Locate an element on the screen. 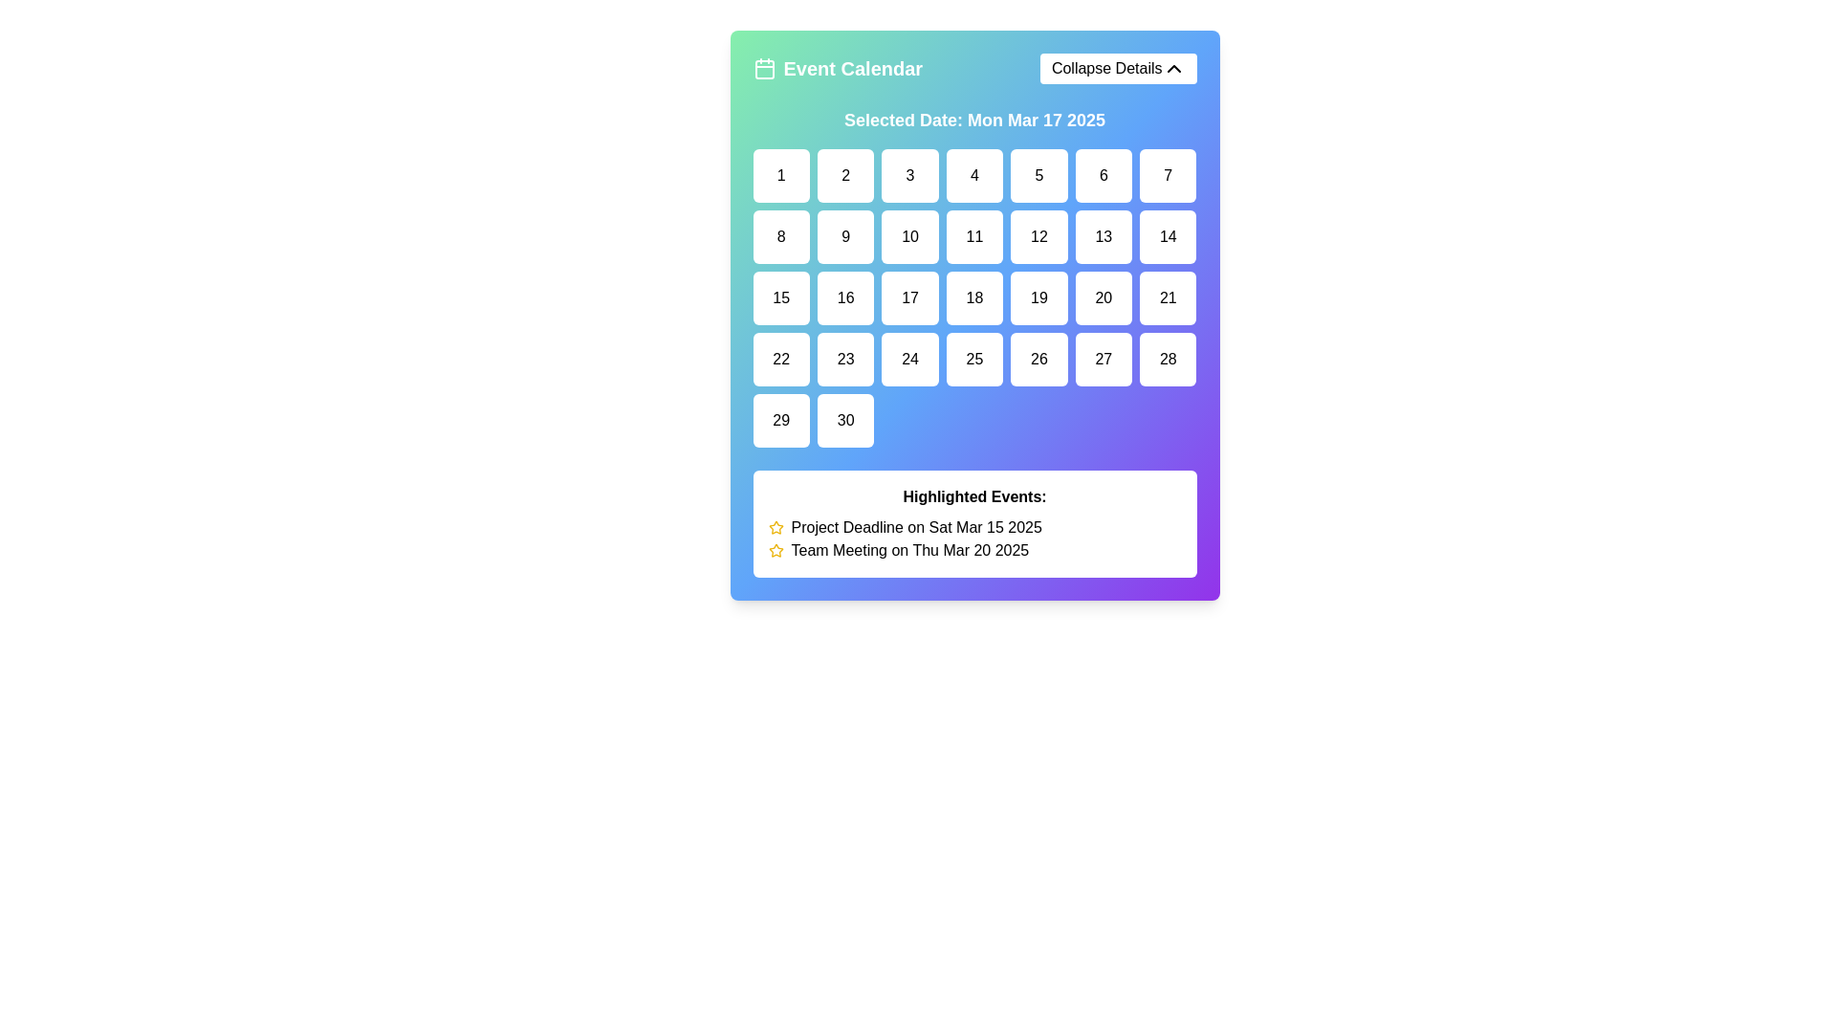  the square-shaped button displaying the number '14' with a white background and black text to interact with the date is located at coordinates (1167, 235).